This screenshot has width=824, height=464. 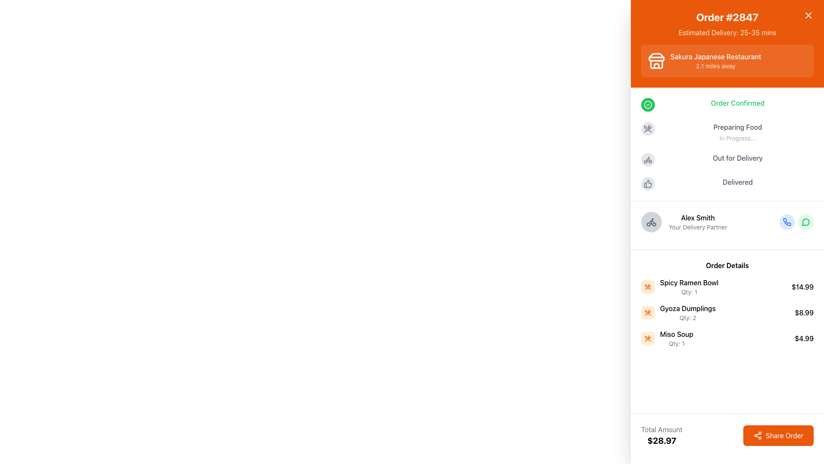 What do you see at coordinates (737, 158) in the screenshot?
I see `the text label that indicates the current status of an order as 'Out for Delivery', which is positioned below 'Preparing Food' and above 'Delivered', identified with an adjacent bicycle icon` at bounding box center [737, 158].